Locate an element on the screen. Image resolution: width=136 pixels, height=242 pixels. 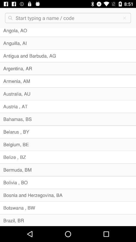
the brazil, br icon is located at coordinates (68, 220).